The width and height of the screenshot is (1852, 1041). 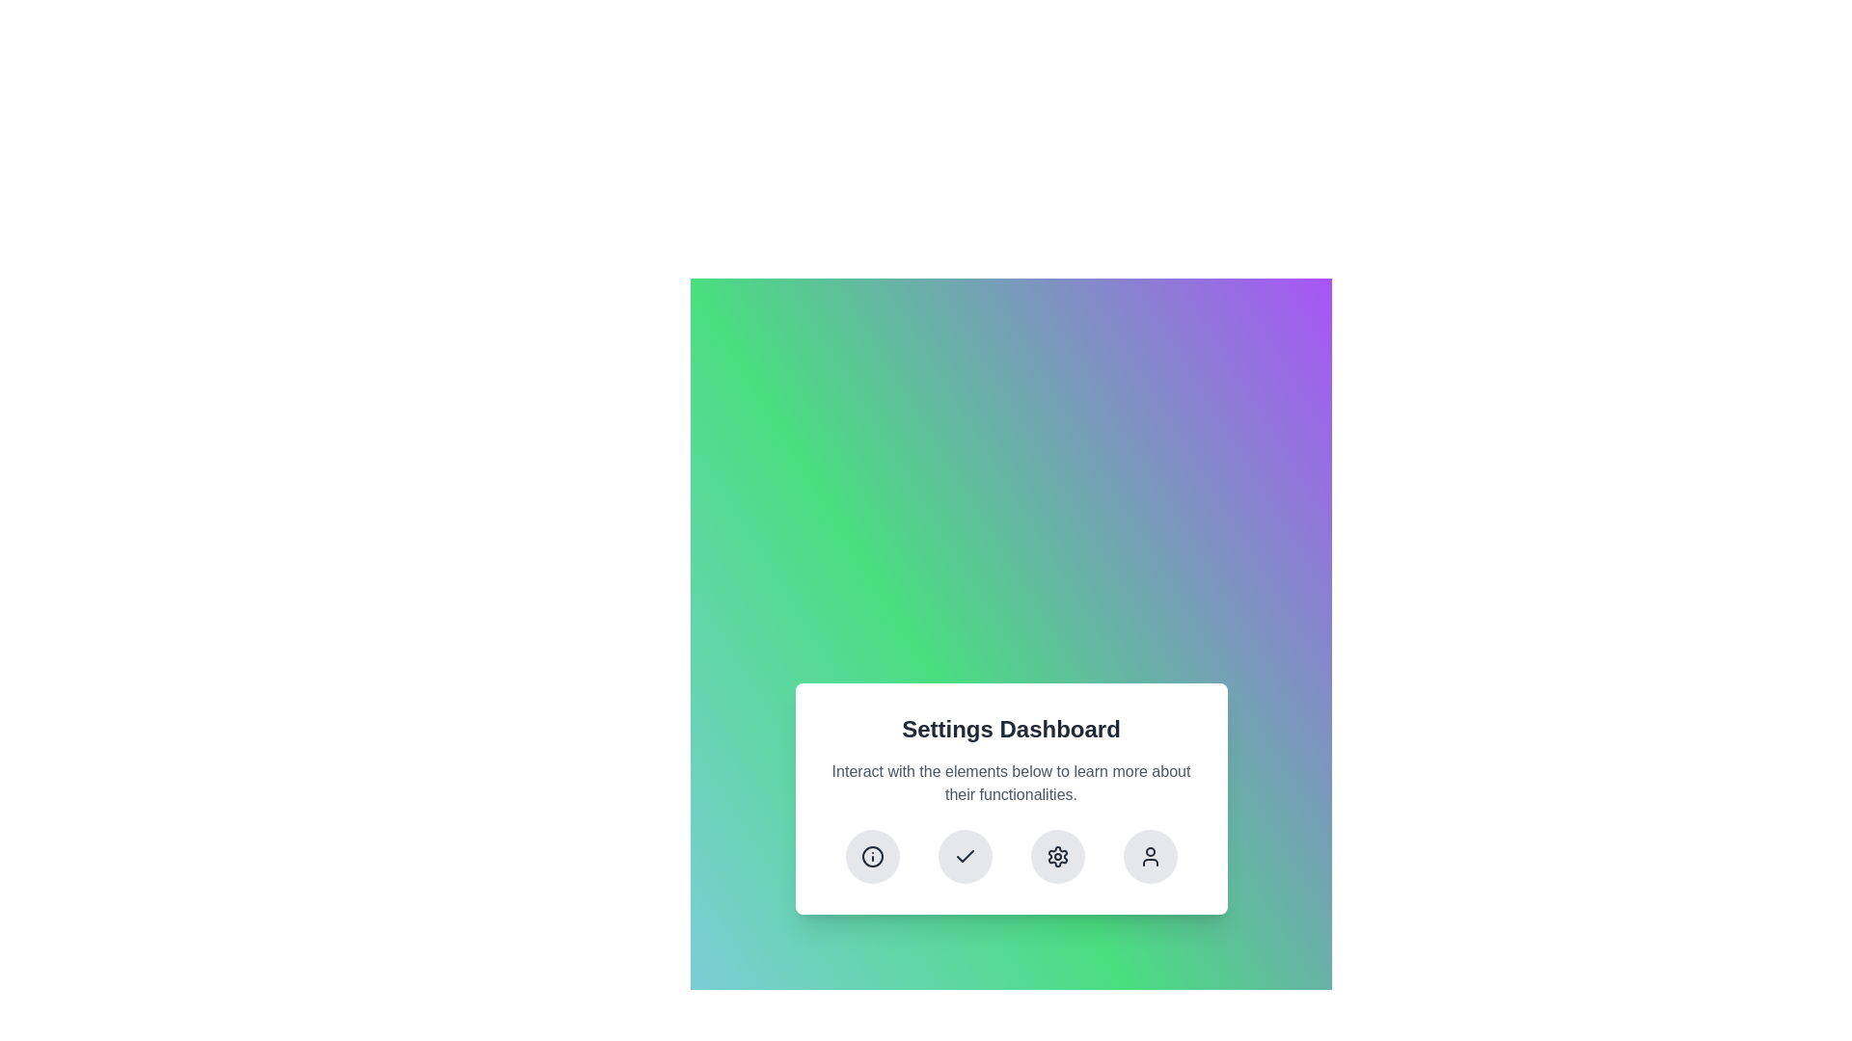 What do you see at coordinates (965, 855) in the screenshot?
I see `the checkmark icon located within the second circular button from the left in the row of buttons at the bottom of the settings dialog box for accessibility functions` at bounding box center [965, 855].